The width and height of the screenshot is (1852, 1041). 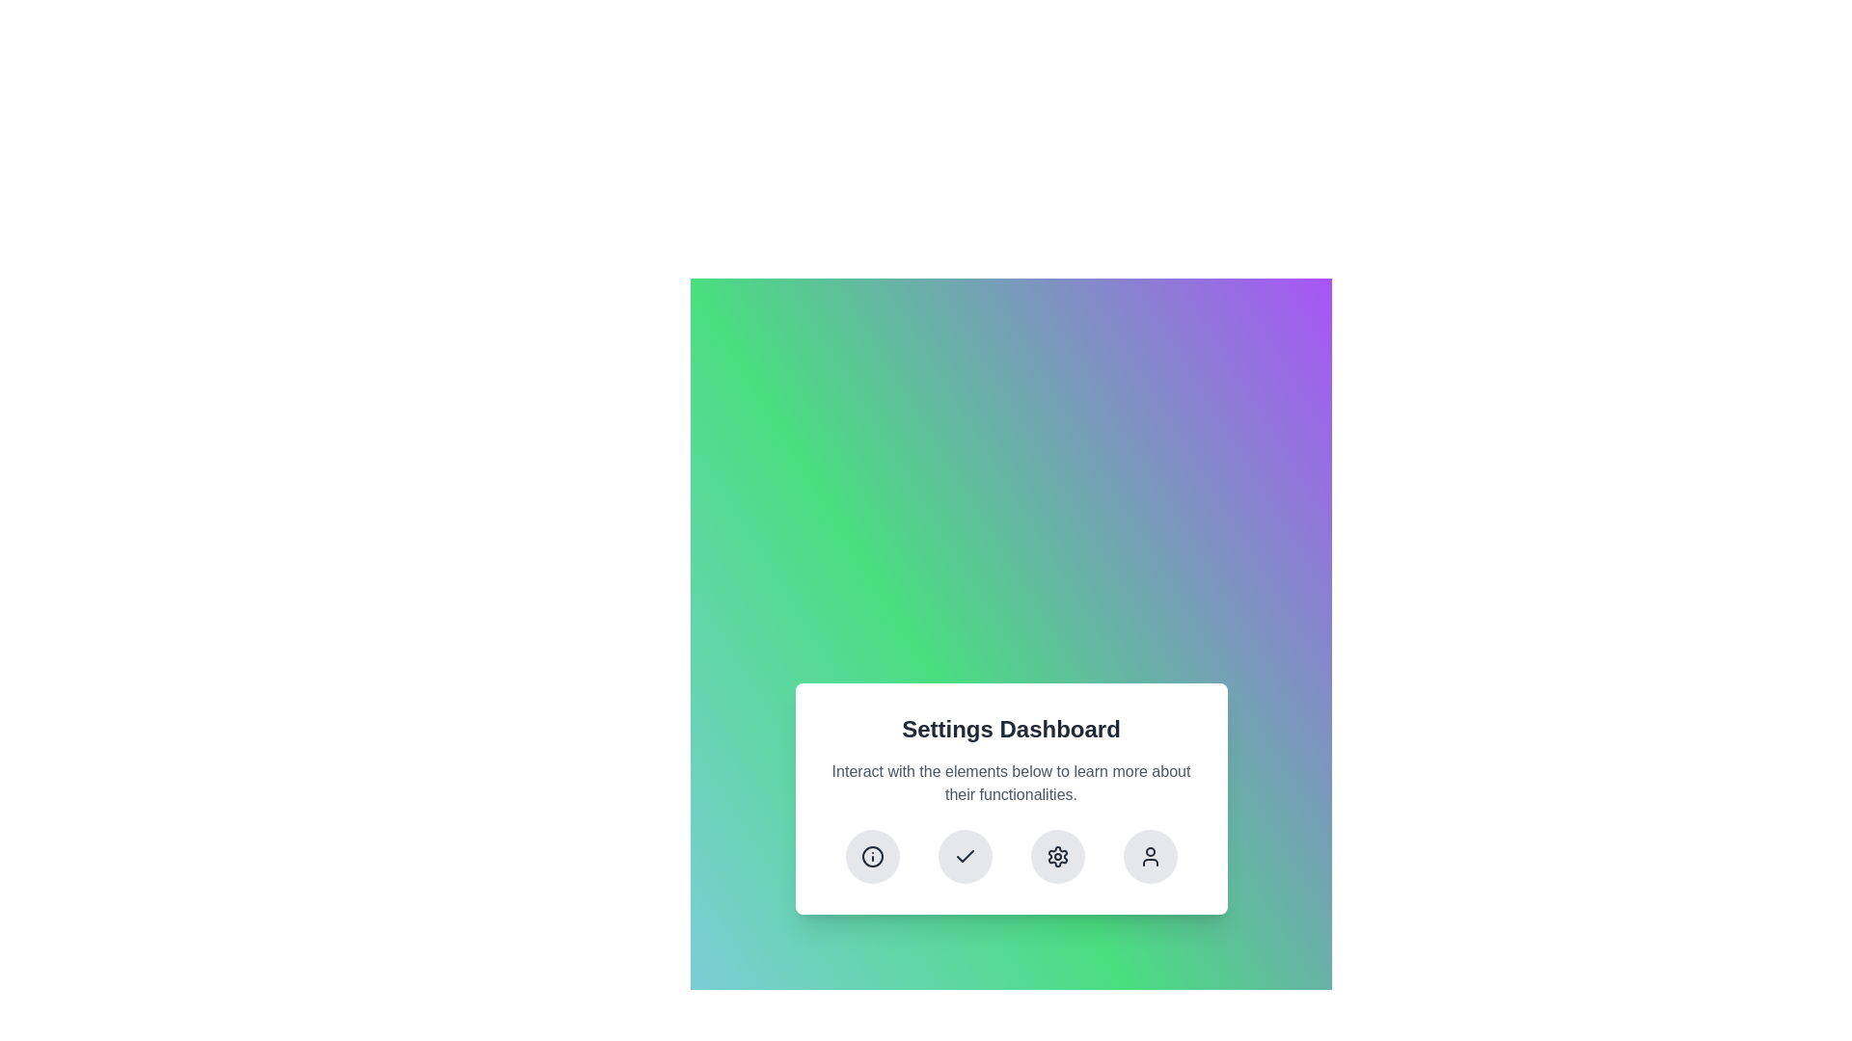 What do you see at coordinates (965, 855) in the screenshot?
I see `the checkmark icon located within the second circular button from the left in the row of buttons at the bottom of the settings dialog box for accessibility functions` at bounding box center [965, 855].